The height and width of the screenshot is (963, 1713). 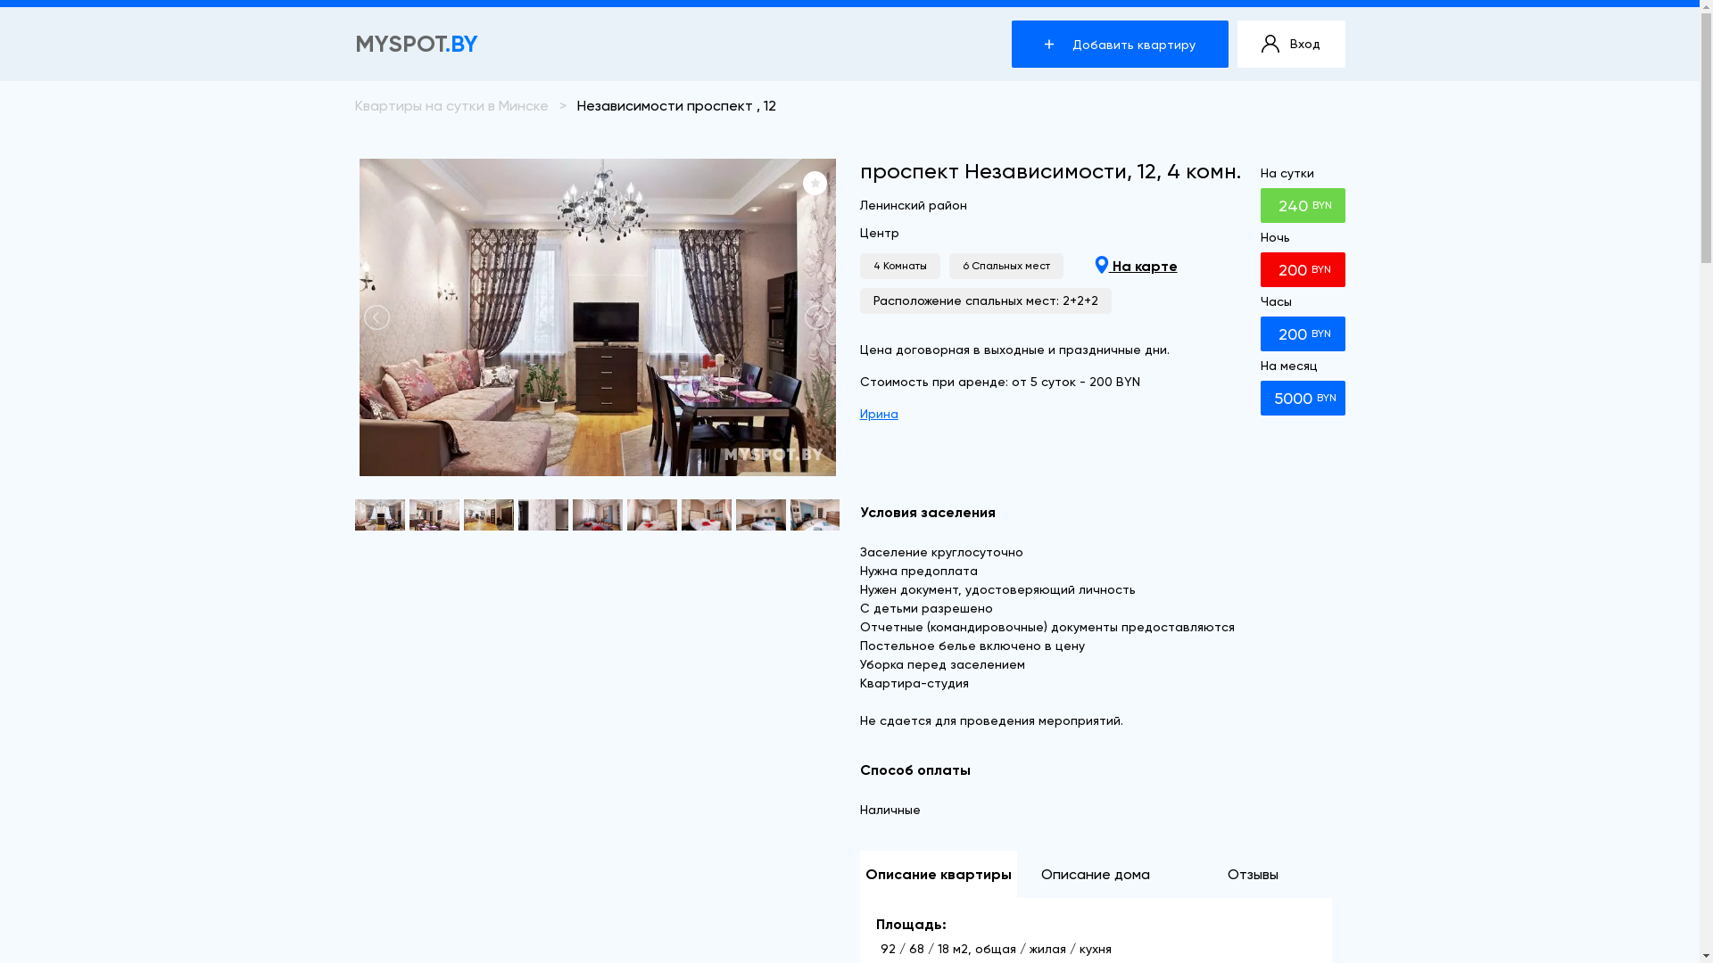 What do you see at coordinates (415, 43) in the screenshot?
I see `'MYSPOT.BY'` at bounding box center [415, 43].